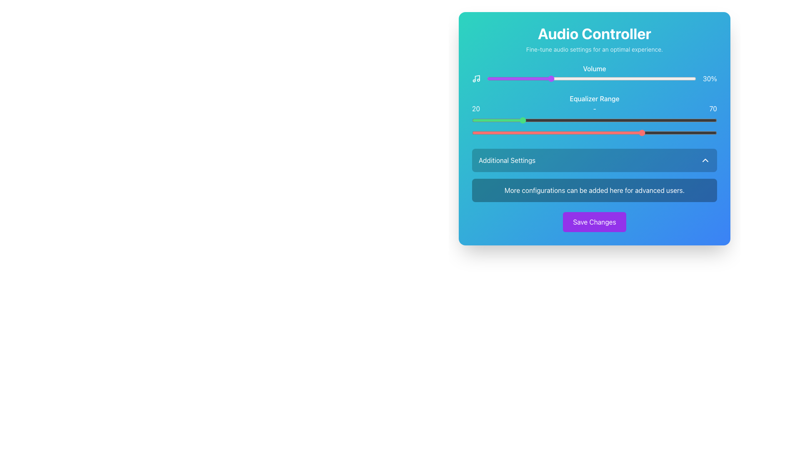  I want to click on the static text label indicating the minimum value of the 'Equalizer Range', which displays '20' on the left side of the range '20-70', so click(476, 108).